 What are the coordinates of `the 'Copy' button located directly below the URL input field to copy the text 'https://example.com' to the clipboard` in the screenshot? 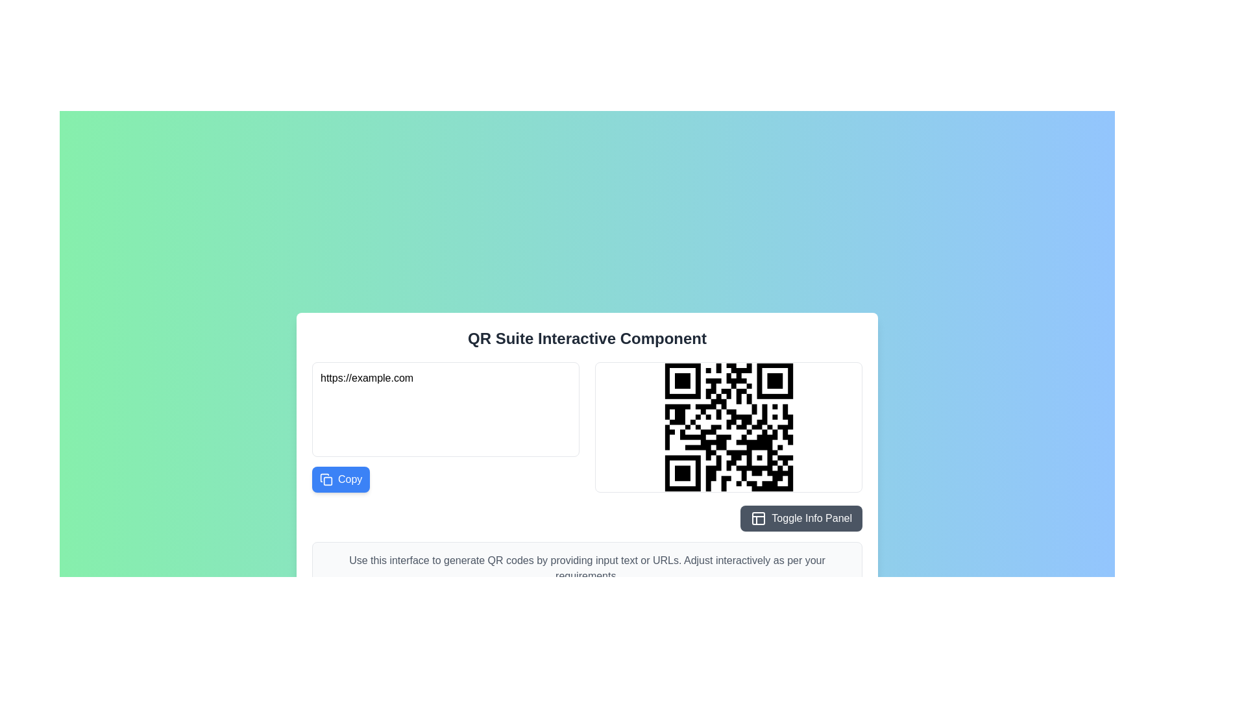 It's located at (341, 479).